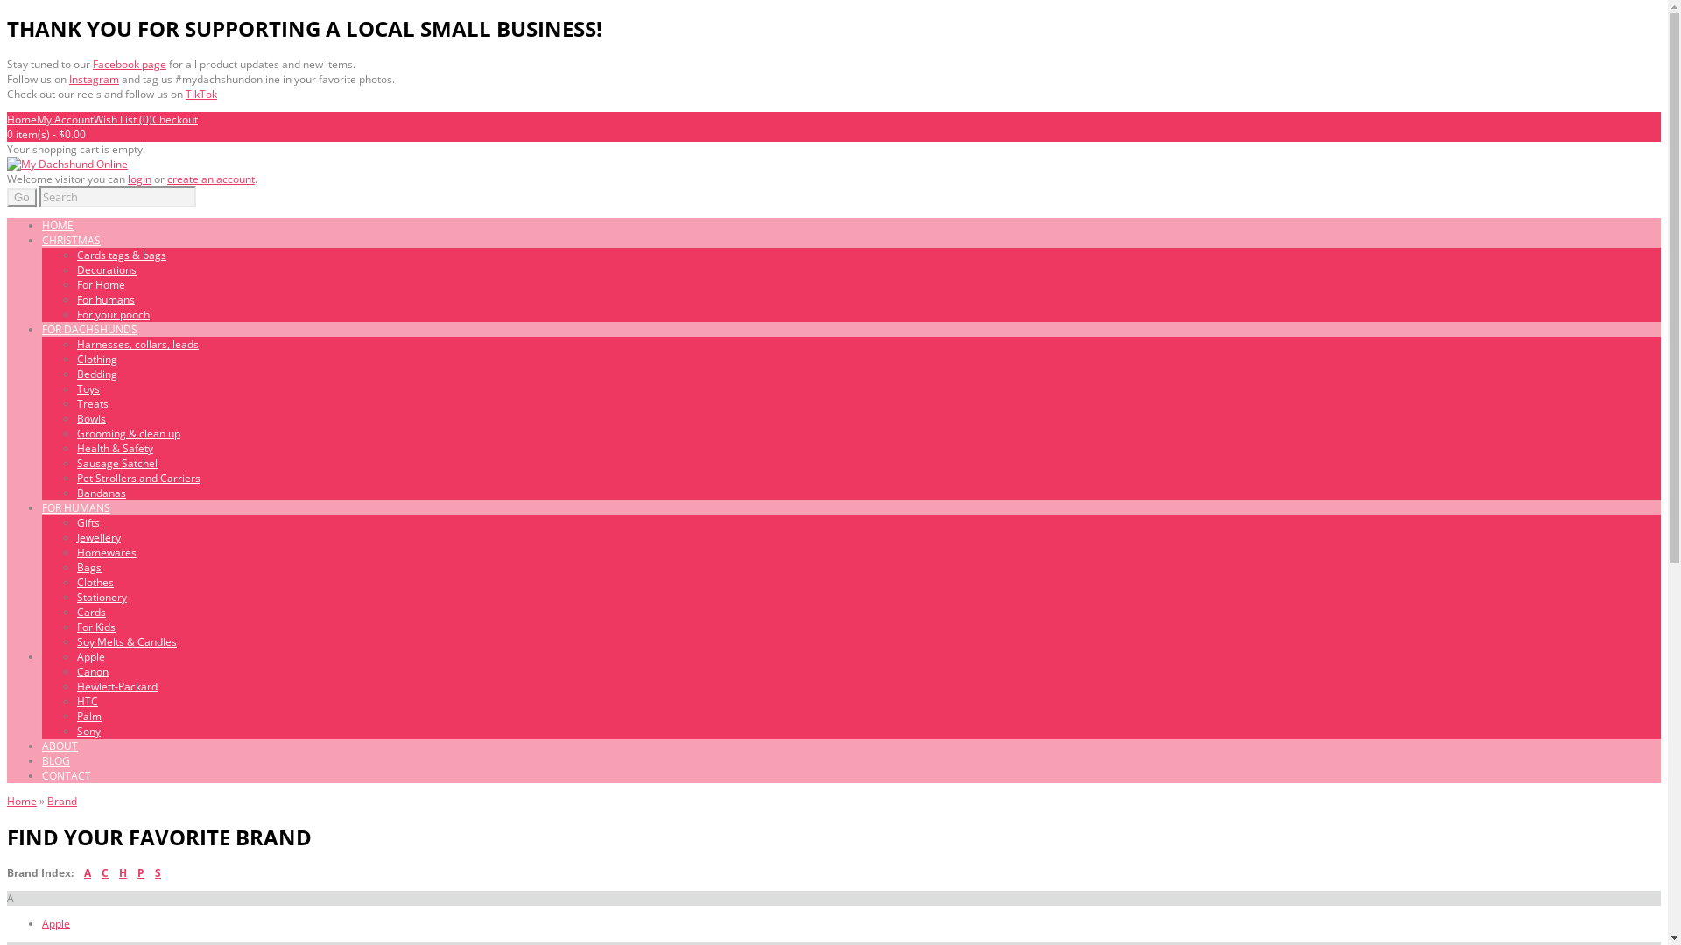  I want to click on 'Apple', so click(90, 656).